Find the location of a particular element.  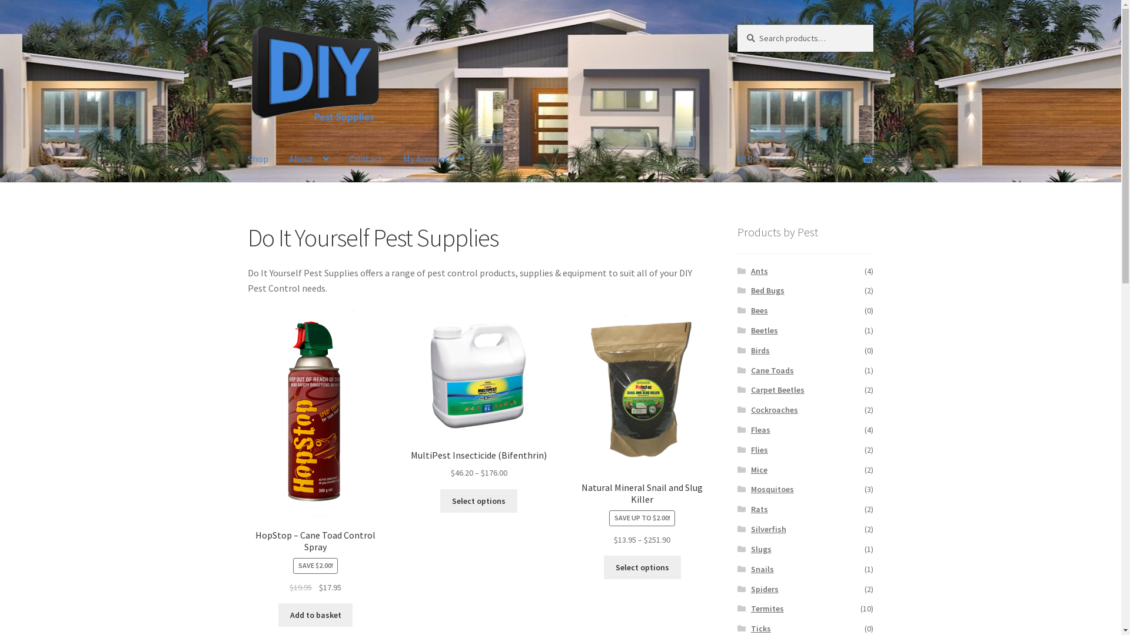

'Shop' is located at coordinates (257, 159).